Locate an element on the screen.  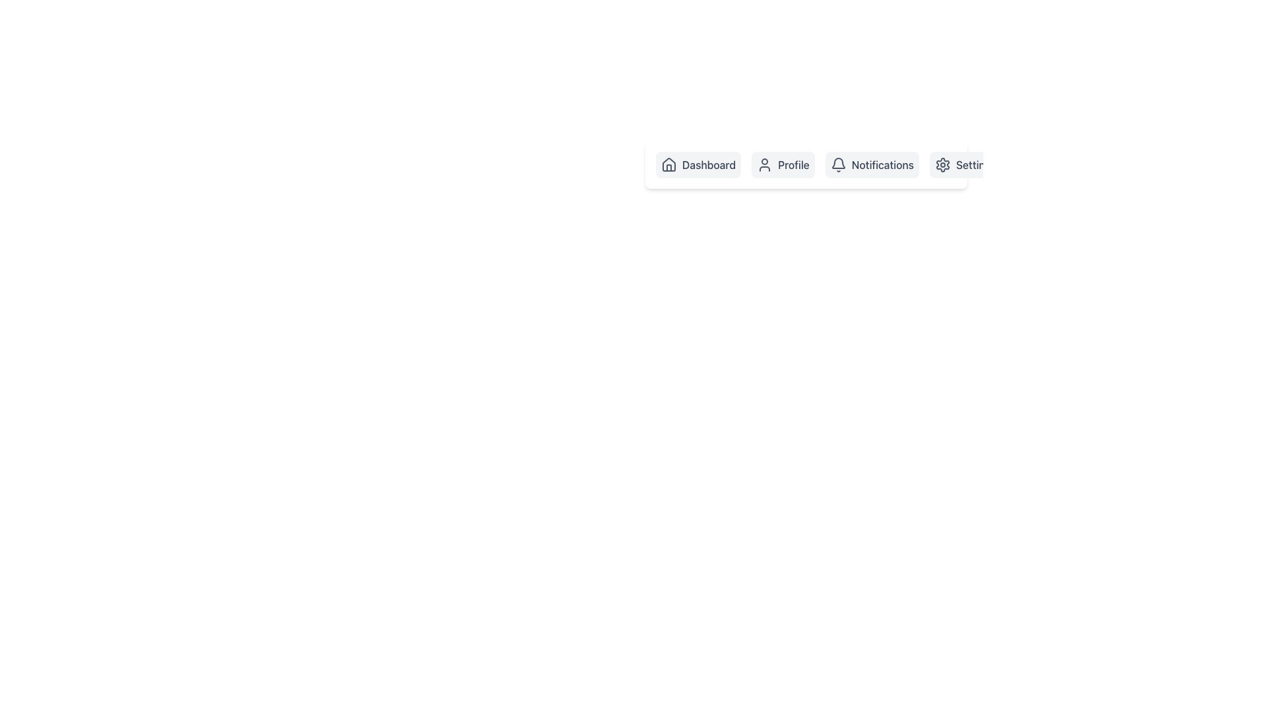
the 'Dashboard' icon button located at the top-right section of the navigation menu is located at coordinates (668, 167).